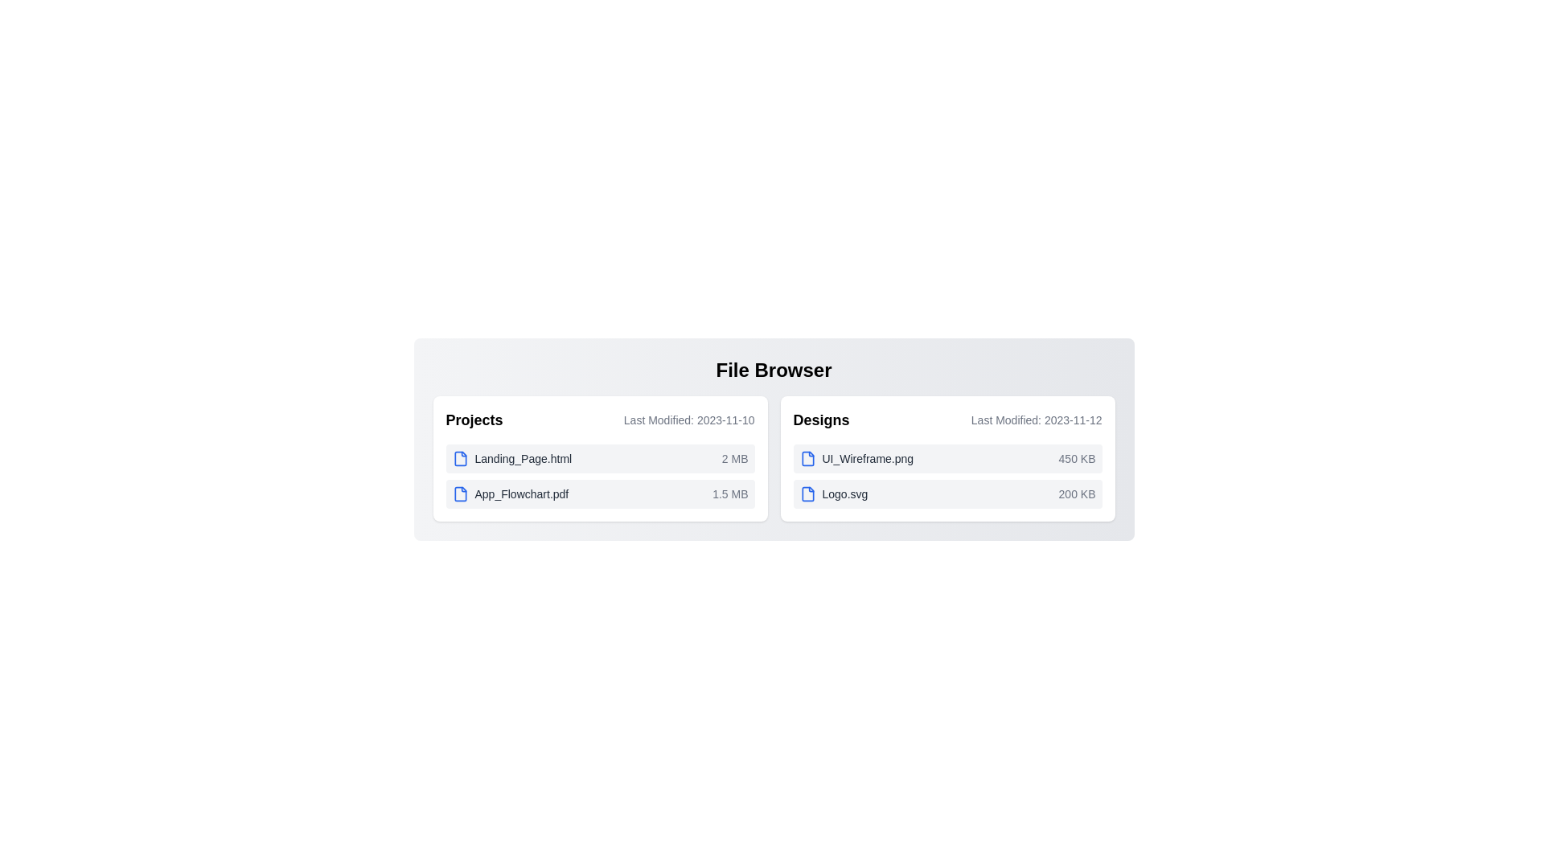  I want to click on the file named UI_Wireframe.png to select it, so click(856, 458).